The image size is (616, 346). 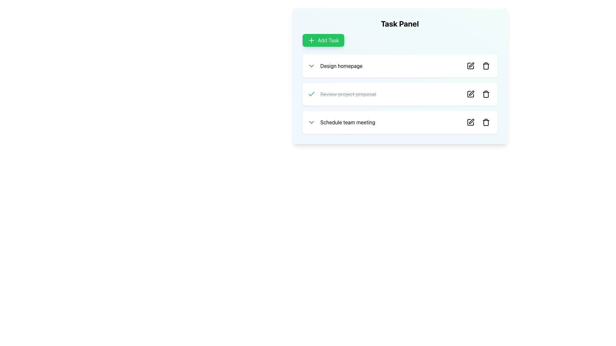 I want to click on the chevron icon, so click(x=311, y=66).